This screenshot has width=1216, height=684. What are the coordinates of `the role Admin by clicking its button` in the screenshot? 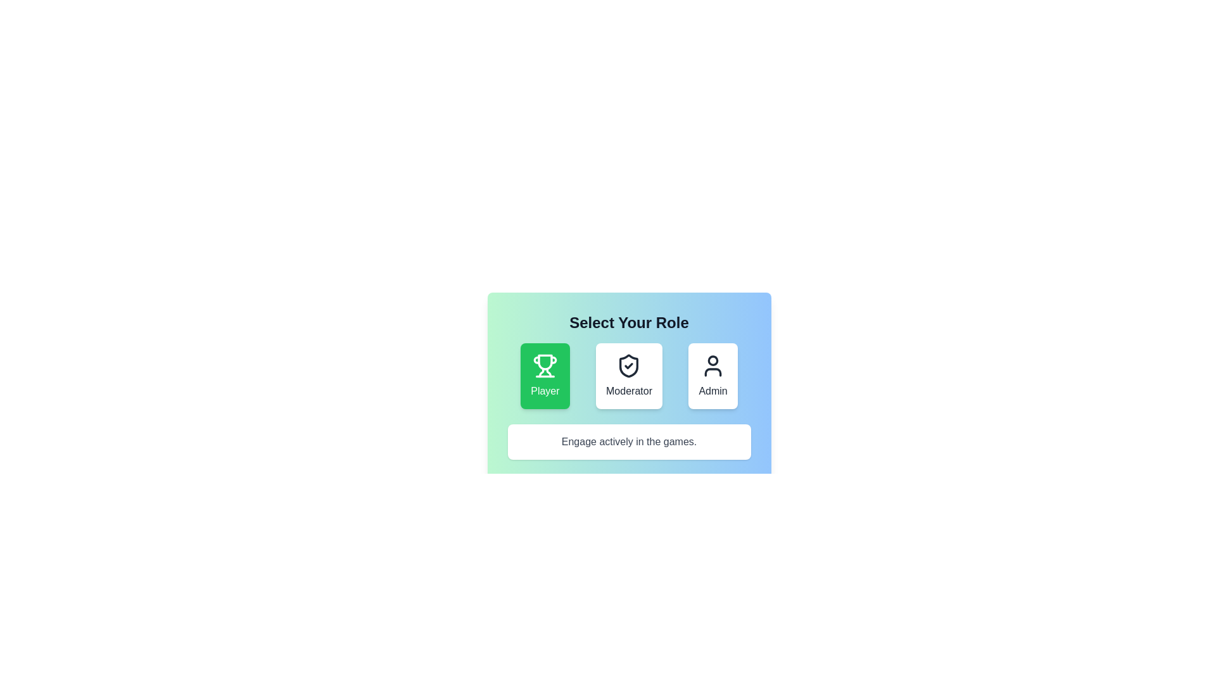 It's located at (713, 376).